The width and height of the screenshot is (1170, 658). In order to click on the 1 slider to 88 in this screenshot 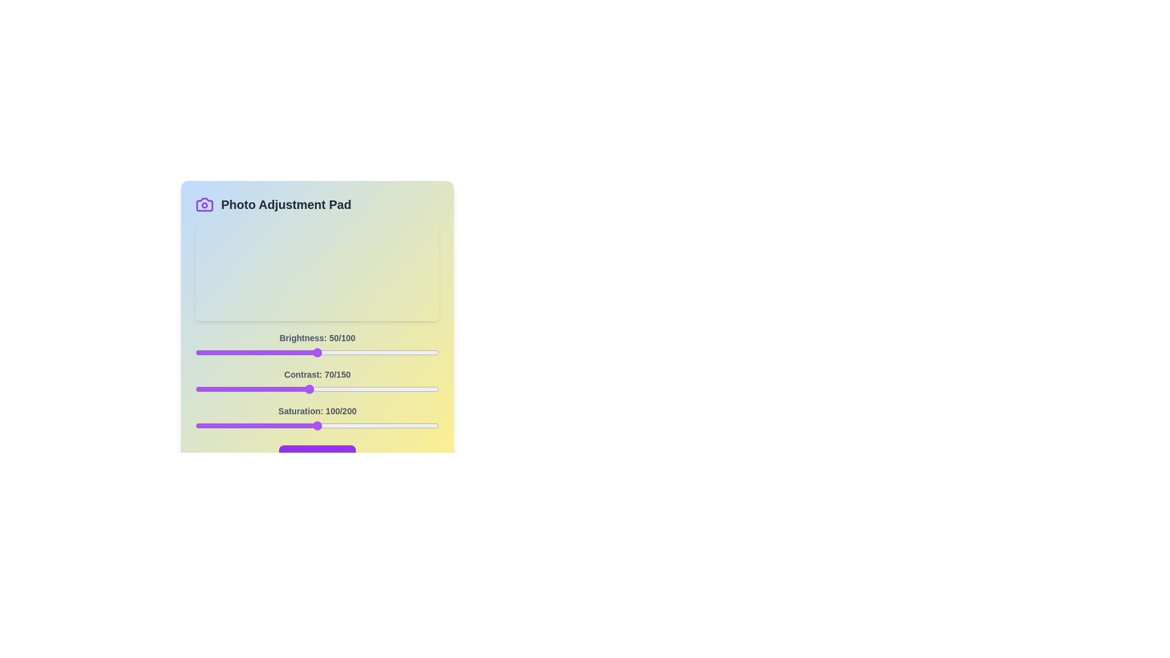, I will do `click(338, 389)`.